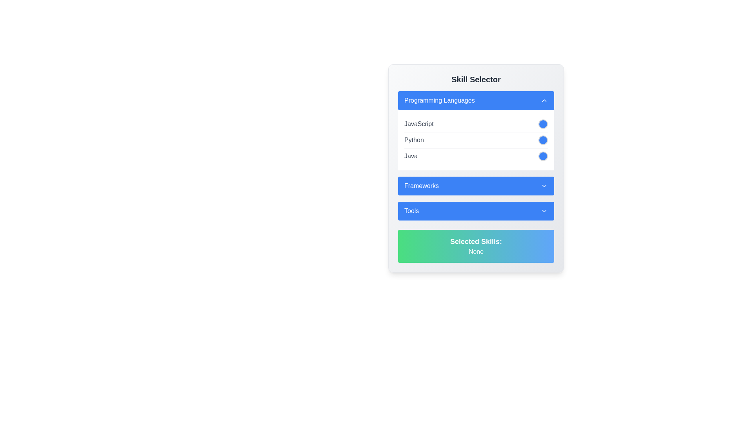  I want to click on the small upward-pointing chevron icon located on the right side of the blue button labeled 'Programming Languages', so click(544, 100).